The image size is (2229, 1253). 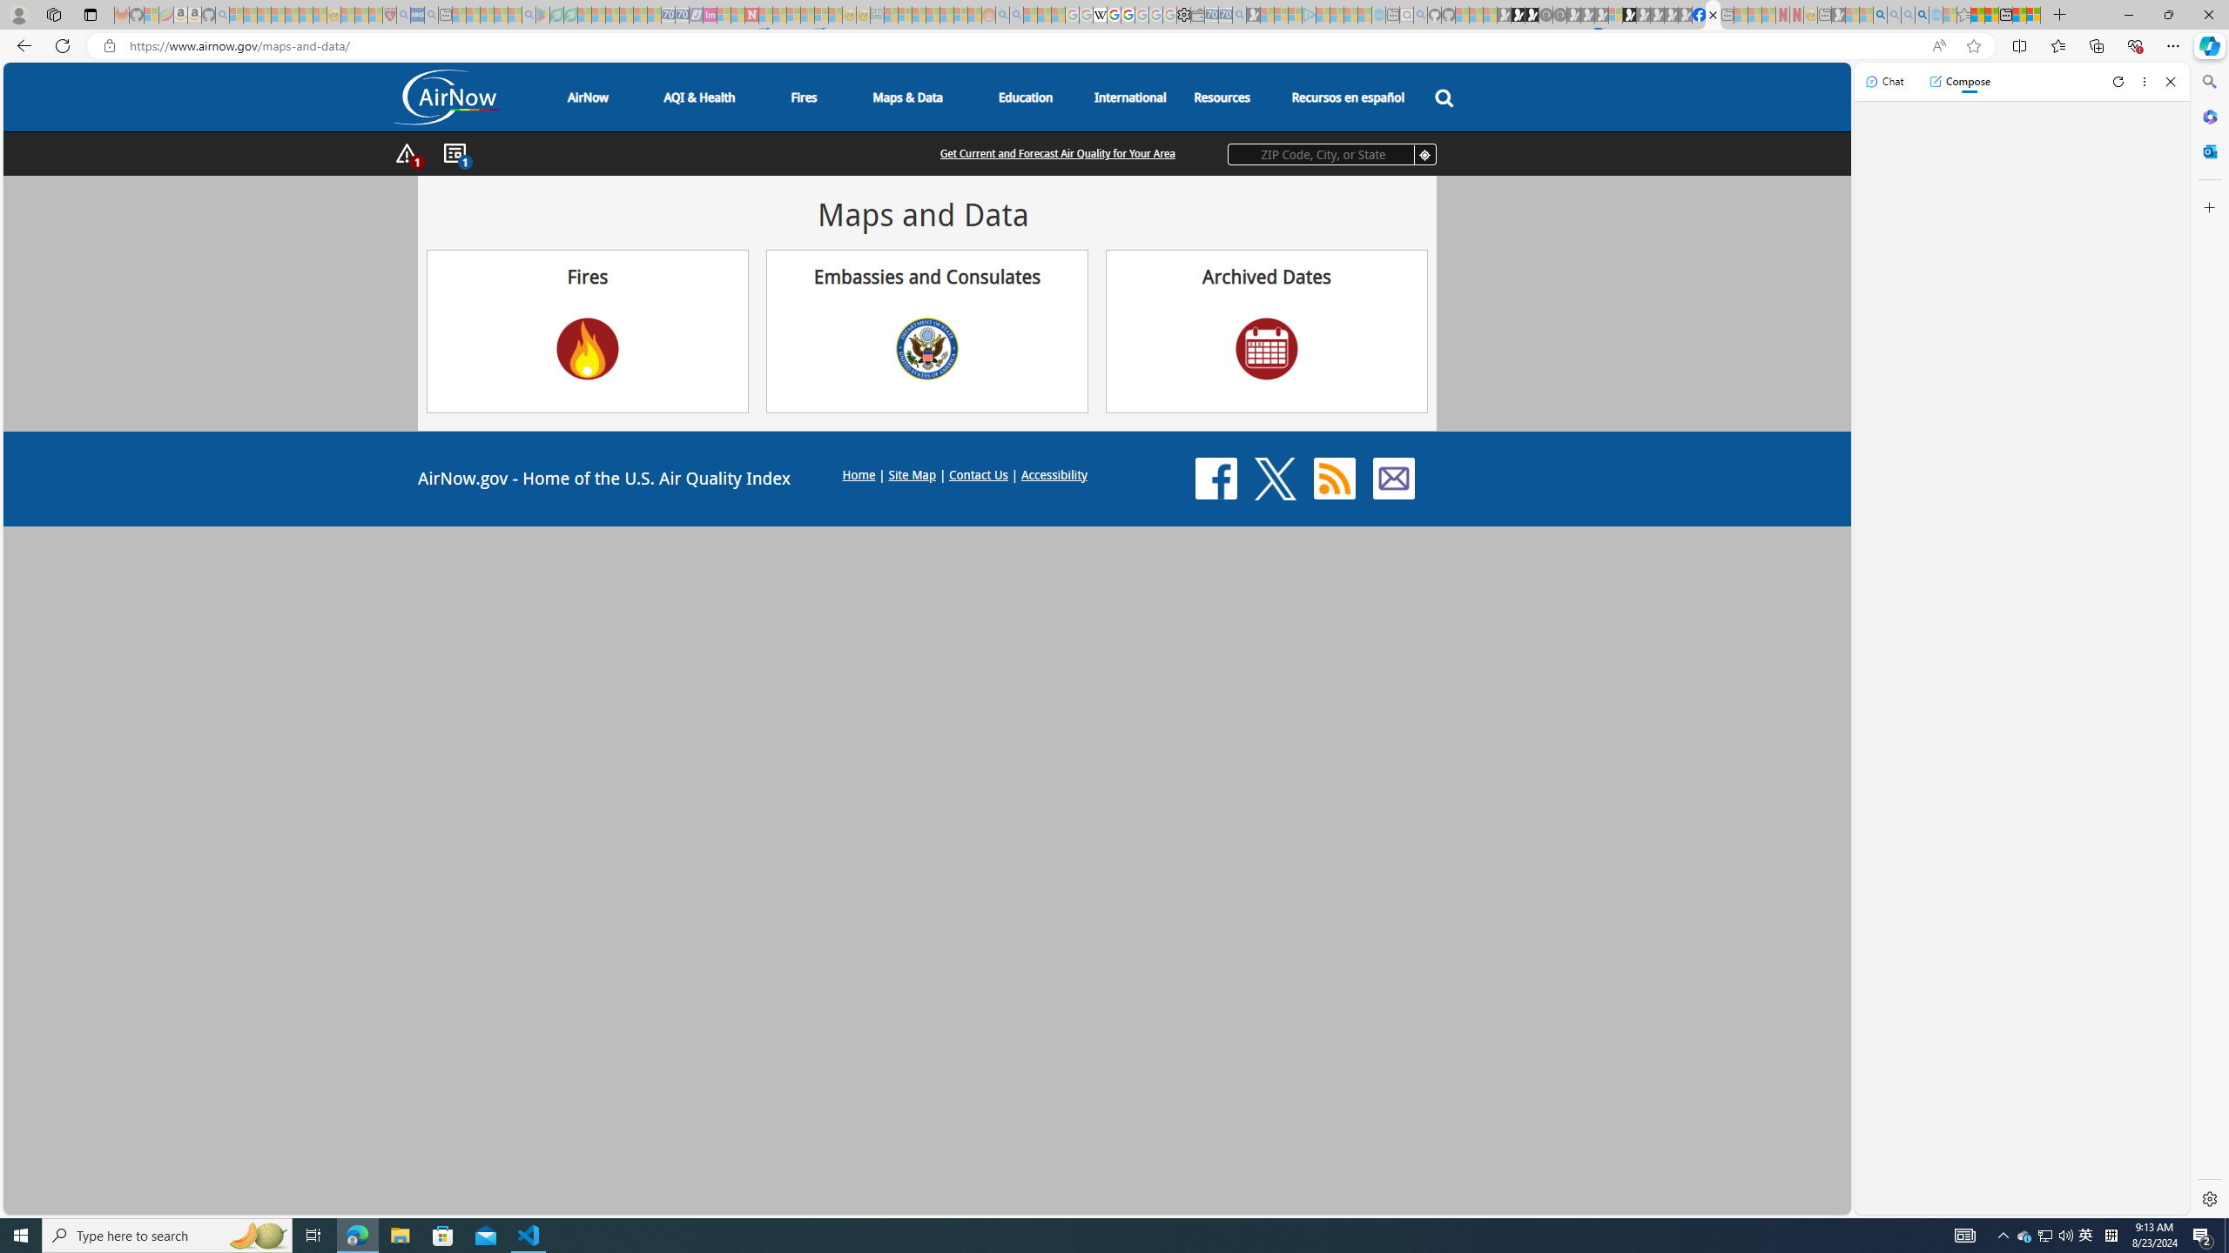 I want to click on 'Air Now Logo', so click(x=447, y=97).